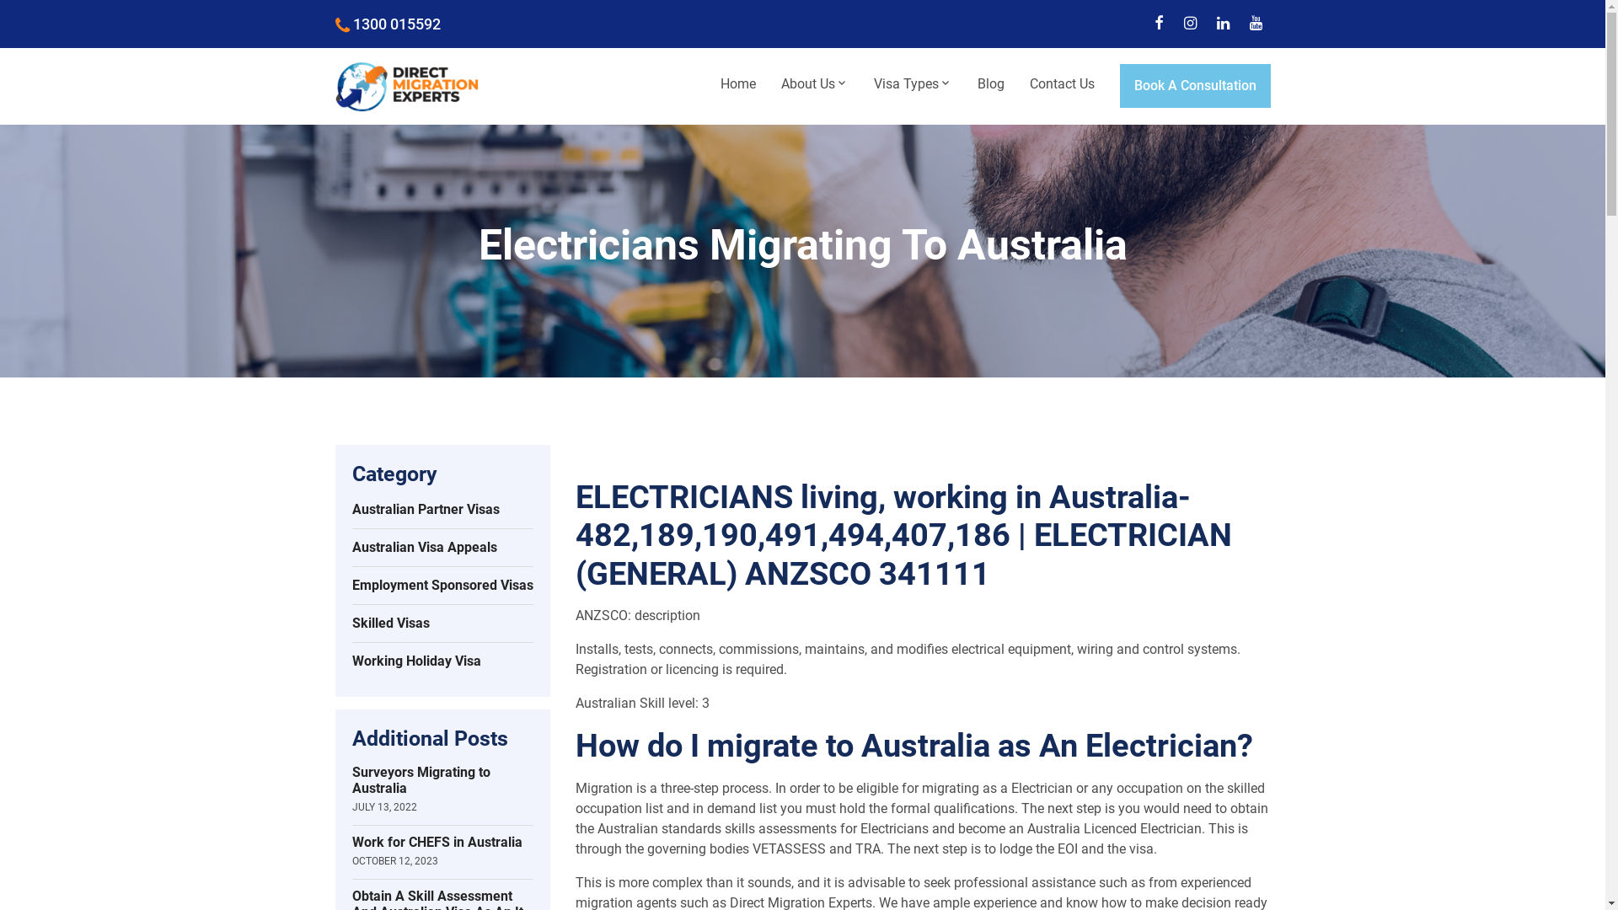 The image size is (1618, 910). Describe the element at coordinates (442, 509) in the screenshot. I see `'Australian Partner Visas'` at that location.